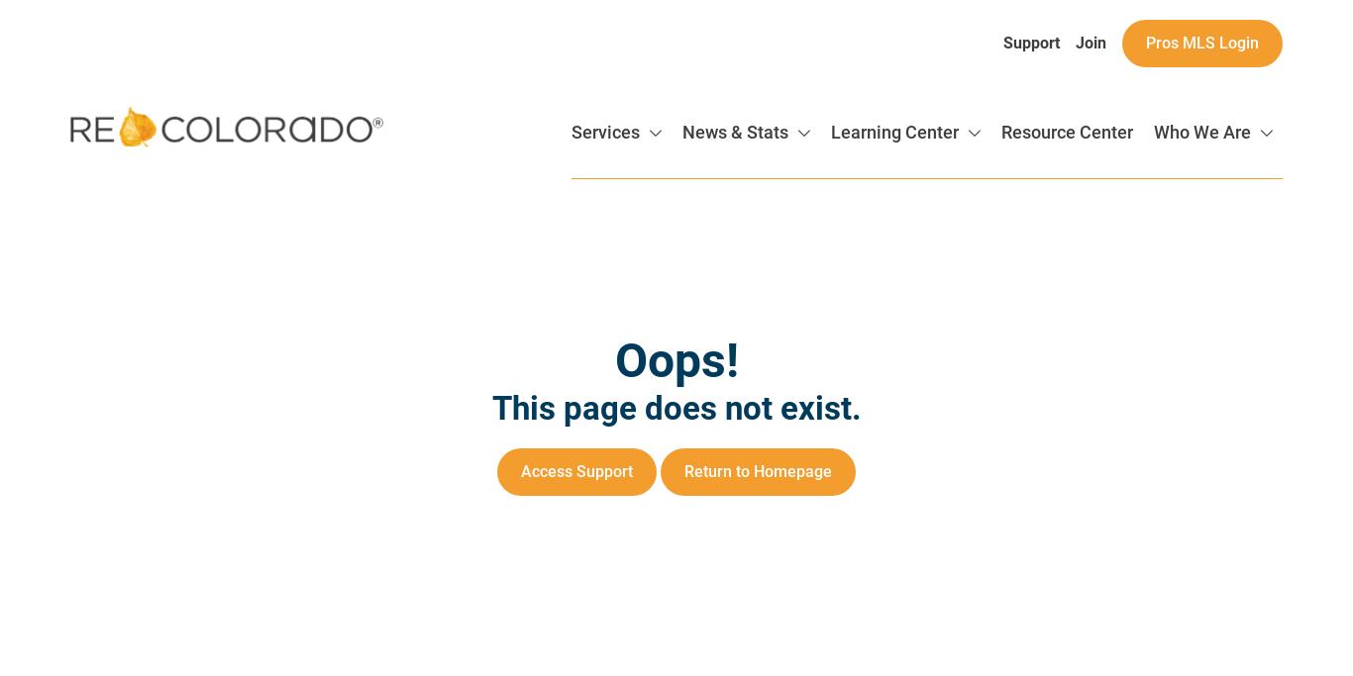  Describe the element at coordinates (1110, 210) in the screenshot. I see `'About REcolorado'` at that location.